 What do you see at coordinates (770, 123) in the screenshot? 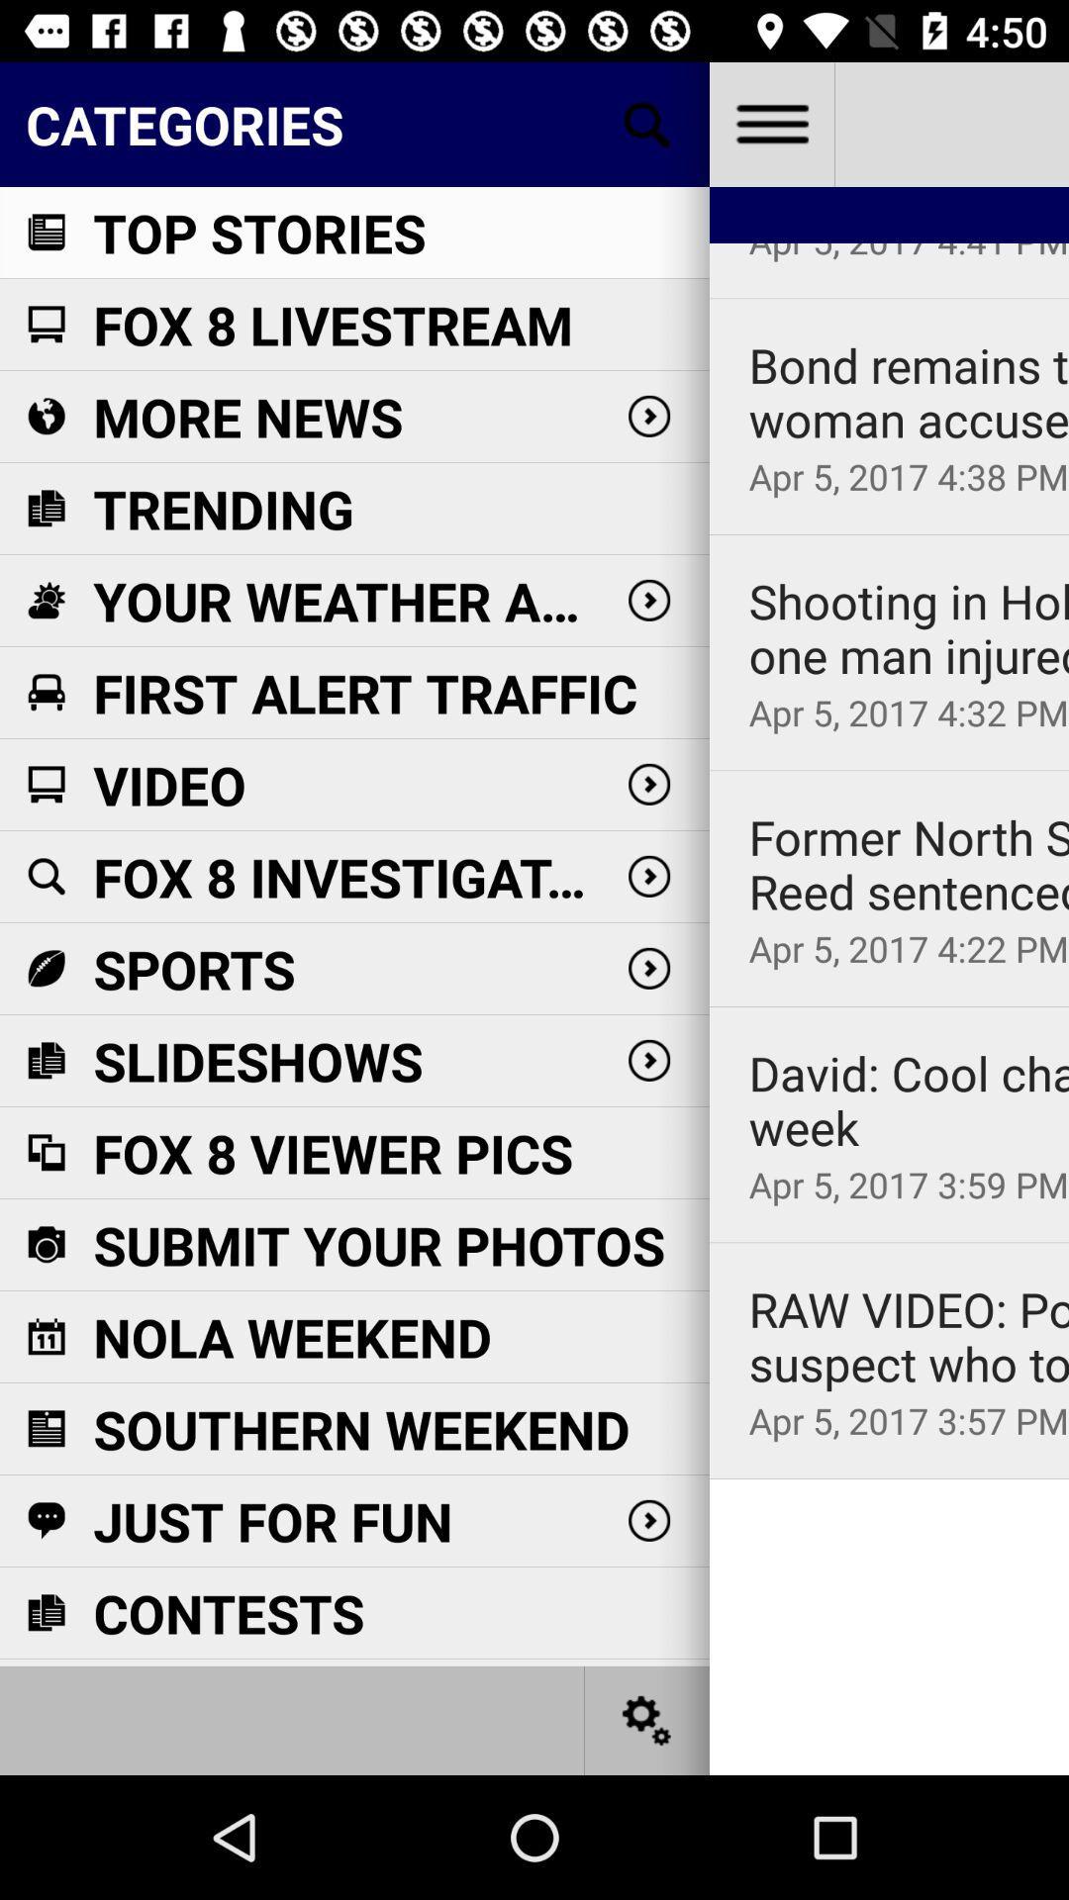
I see `more options` at bounding box center [770, 123].